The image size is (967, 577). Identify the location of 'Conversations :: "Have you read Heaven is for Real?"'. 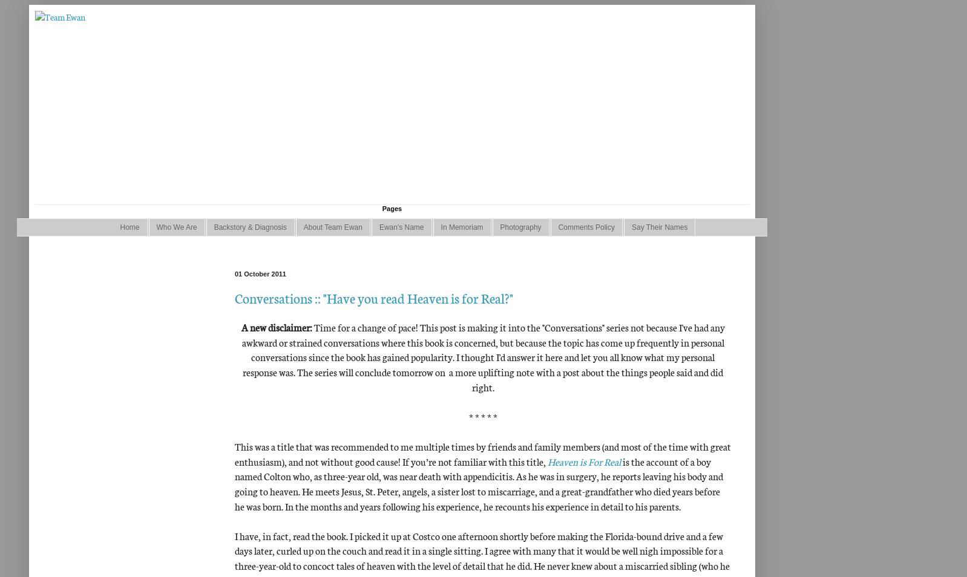
(373, 296).